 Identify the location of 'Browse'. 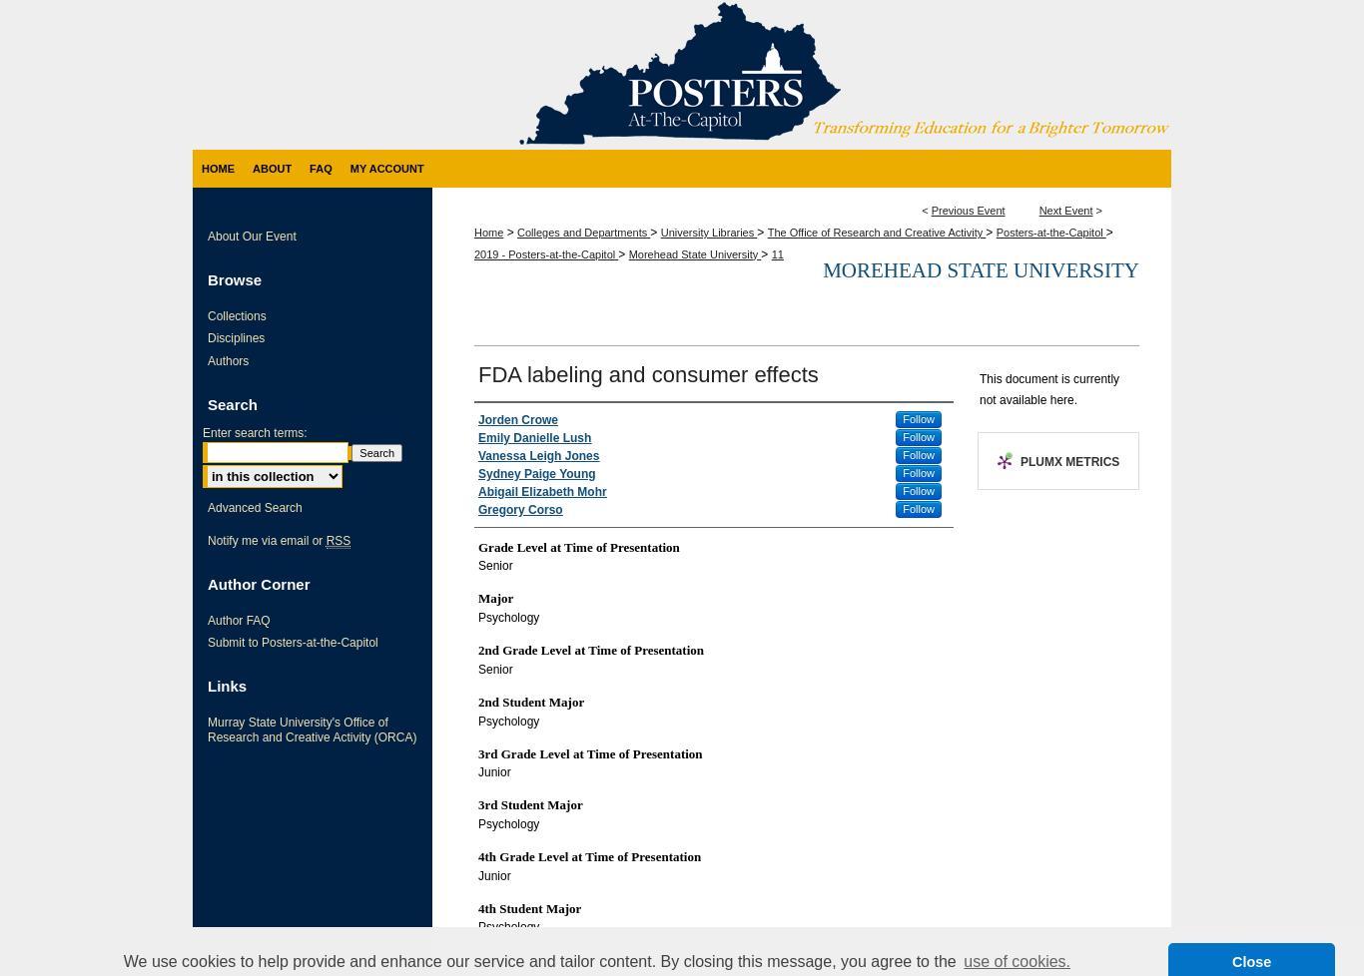
(234, 277).